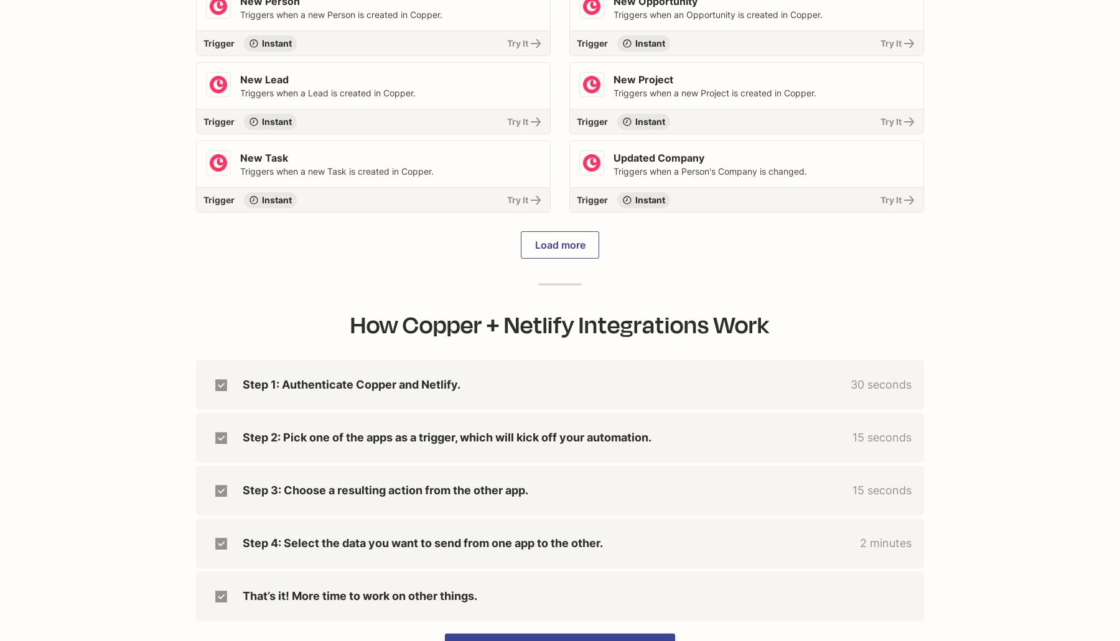 The width and height of the screenshot is (1120, 641). Describe the element at coordinates (643, 79) in the screenshot. I see `'New Project'` at that location.